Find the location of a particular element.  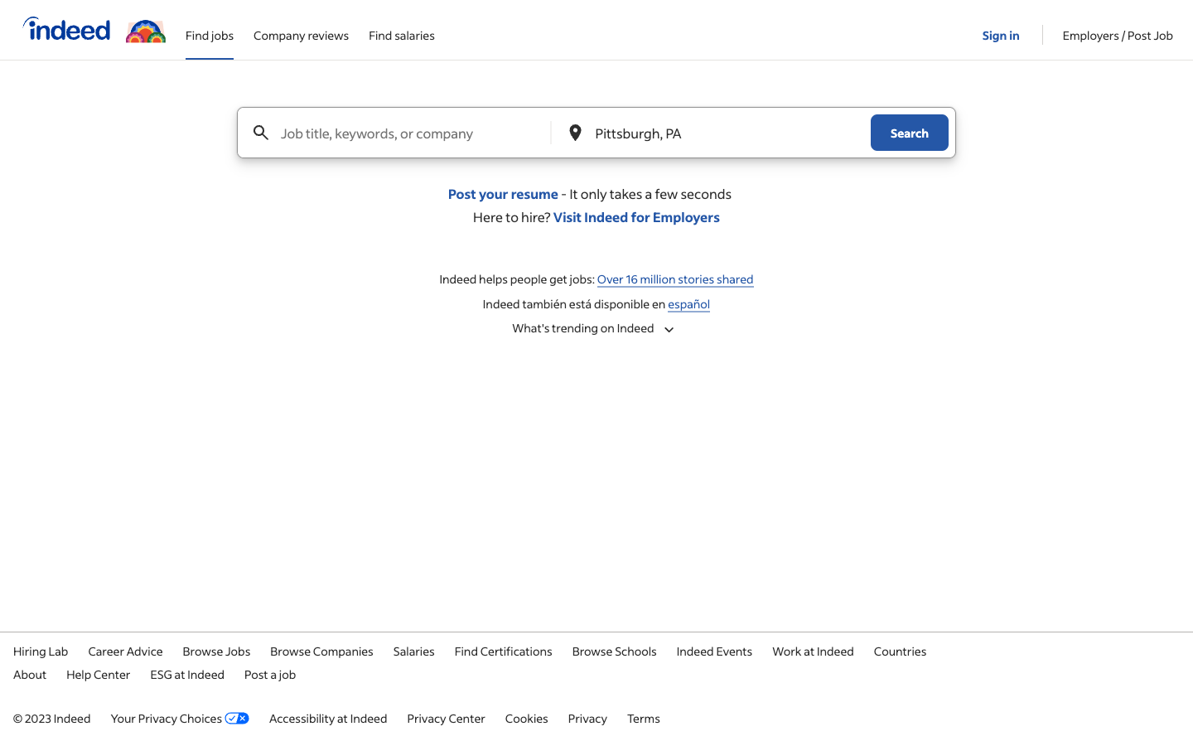

Read the terms of the page is located at coordinates (643, 717).